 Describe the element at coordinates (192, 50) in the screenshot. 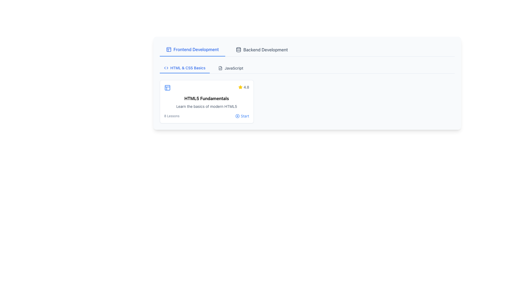

I see `the active 'Frontend Development' tab with a blue underline to switch content` at that location.